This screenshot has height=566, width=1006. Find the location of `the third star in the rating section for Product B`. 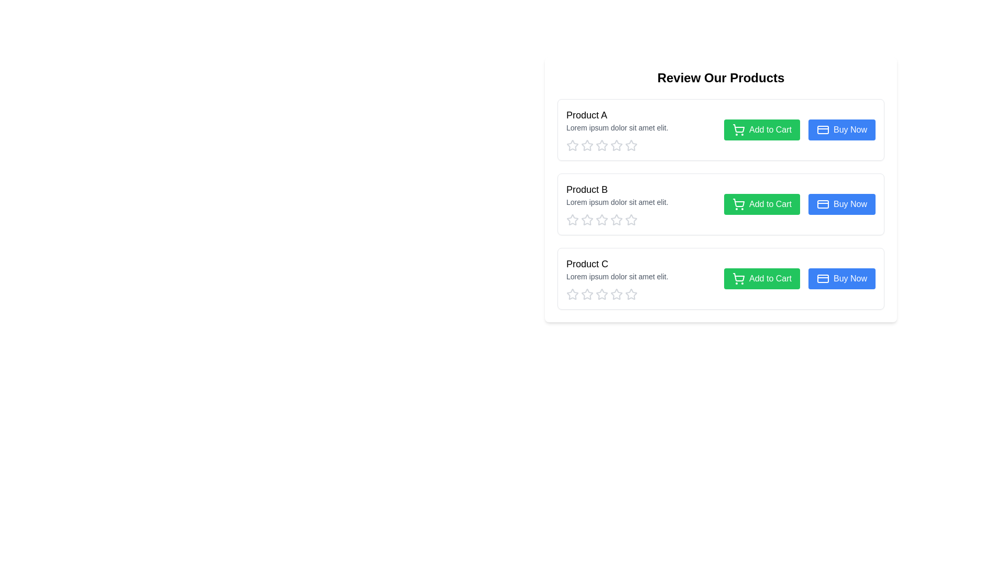

the third star in the rating section for Product B is located at coordinates (587, 220).